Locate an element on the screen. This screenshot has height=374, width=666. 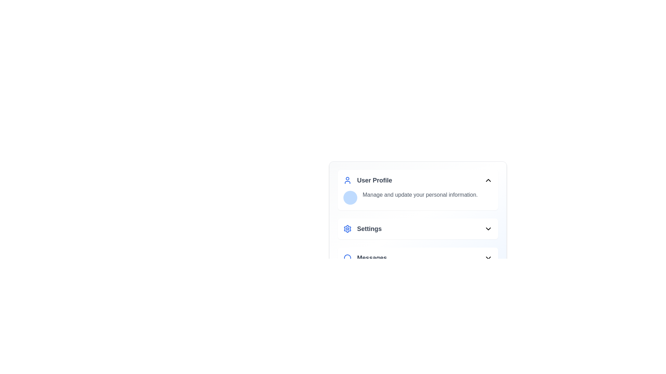
the distinct blue circular icon with a stroke outline located to the left of the 'Messages' label is located at coordinates (347, 258).